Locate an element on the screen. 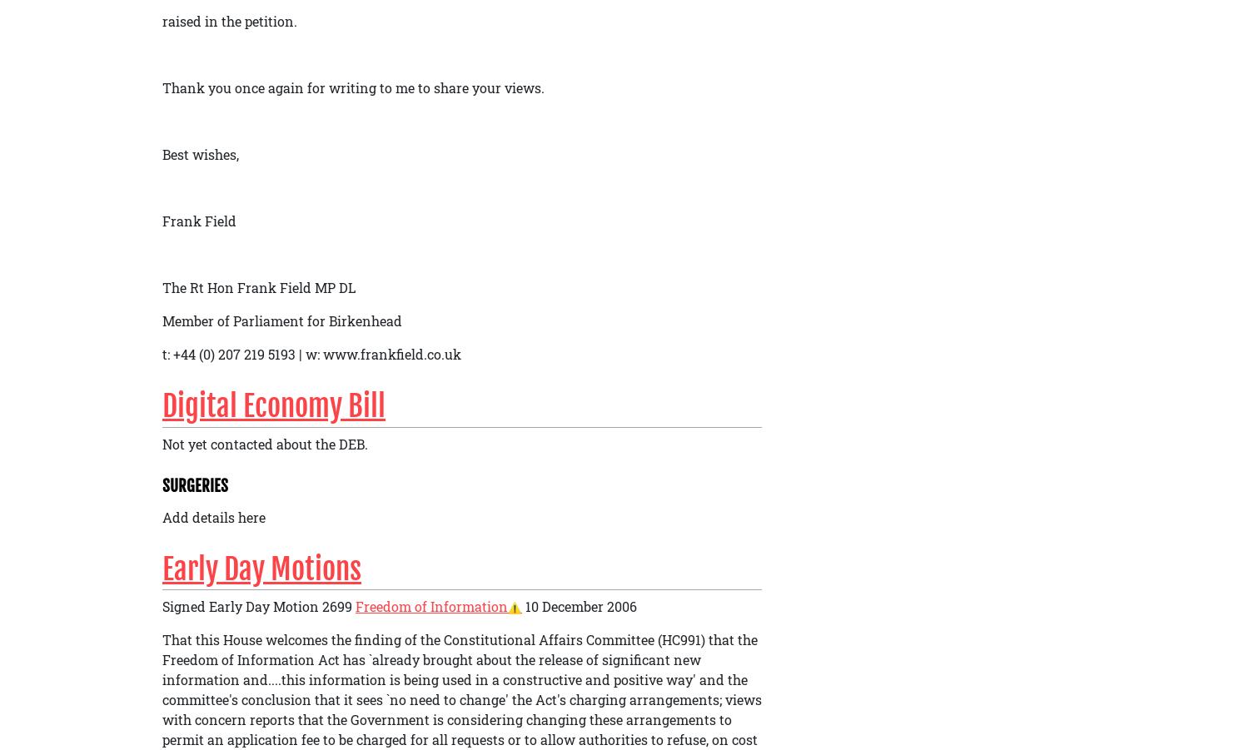 The image size is (1249, 750). 'Early Day Motions' is located at coordinates (162, 569).